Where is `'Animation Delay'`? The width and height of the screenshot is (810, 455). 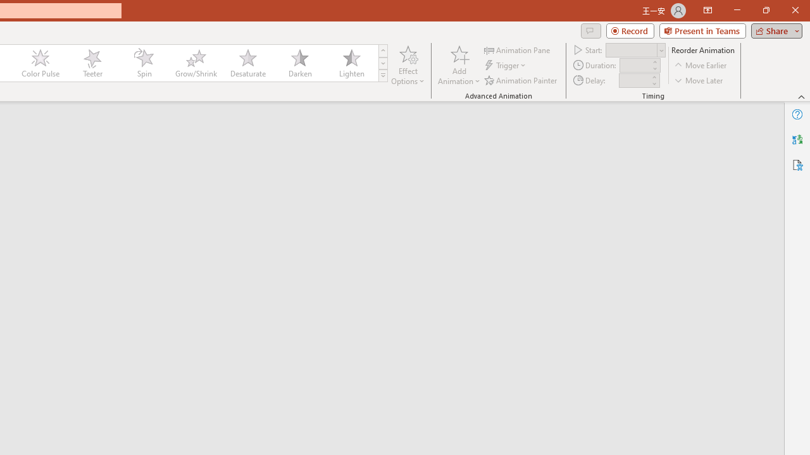
'Animation Delay' is located at coordinates (634, 80).